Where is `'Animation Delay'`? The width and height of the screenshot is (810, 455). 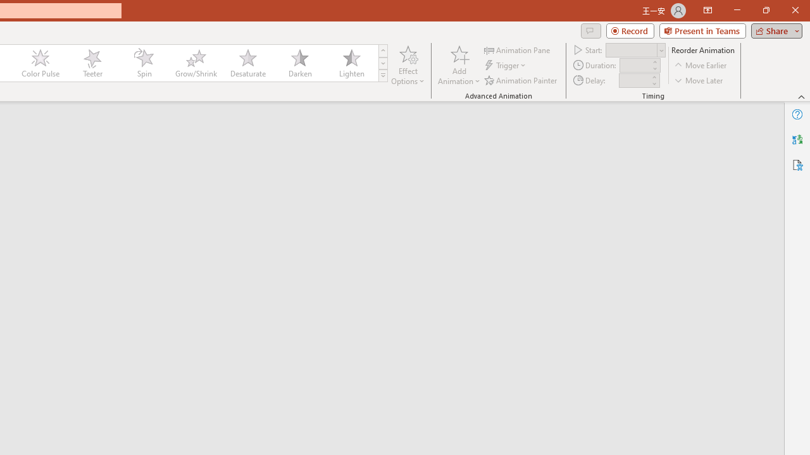
'Animation Delay' is located at coordinates (634, 80).